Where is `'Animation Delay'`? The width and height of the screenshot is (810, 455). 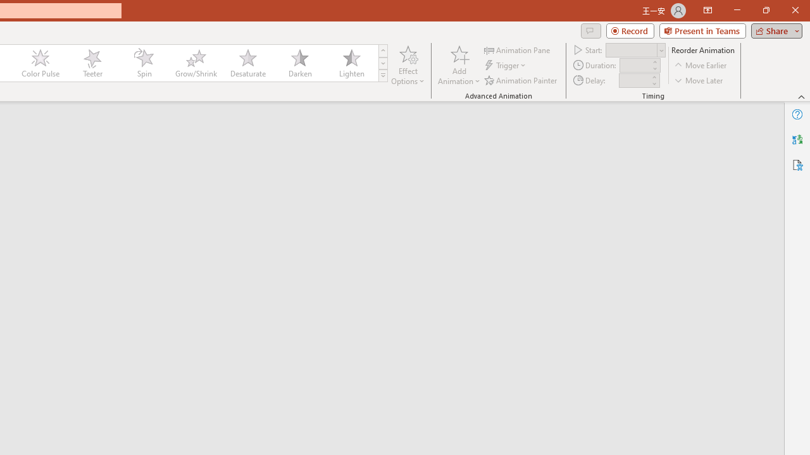
'Animation Delay' is located at coordinates (634, 80).